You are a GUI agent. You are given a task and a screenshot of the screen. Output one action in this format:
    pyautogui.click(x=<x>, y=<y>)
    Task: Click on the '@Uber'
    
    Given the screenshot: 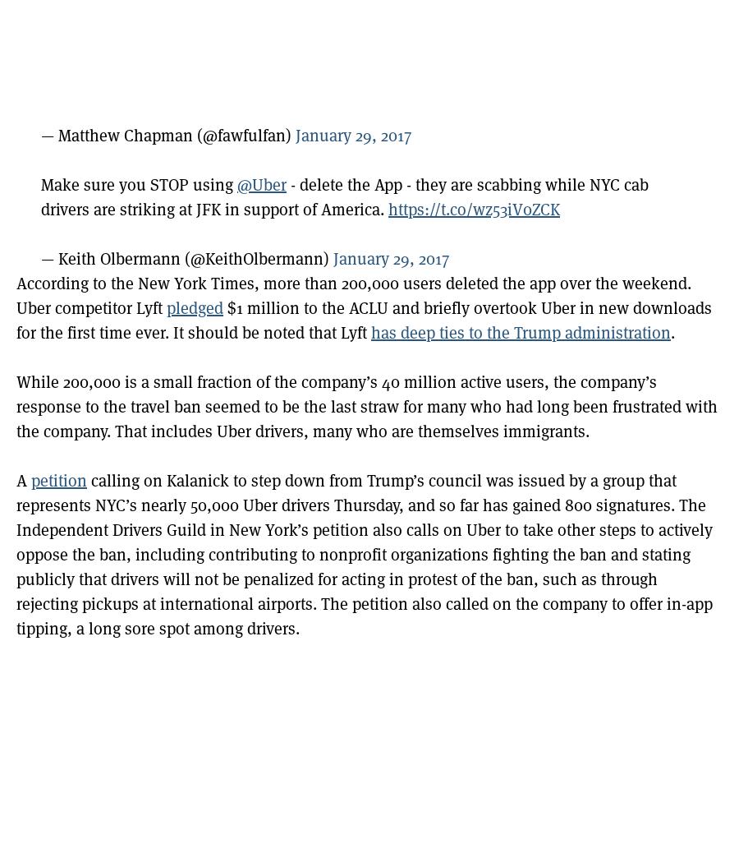 What is the action you would take?
    pyautogui.click(x=260, y=184)
    